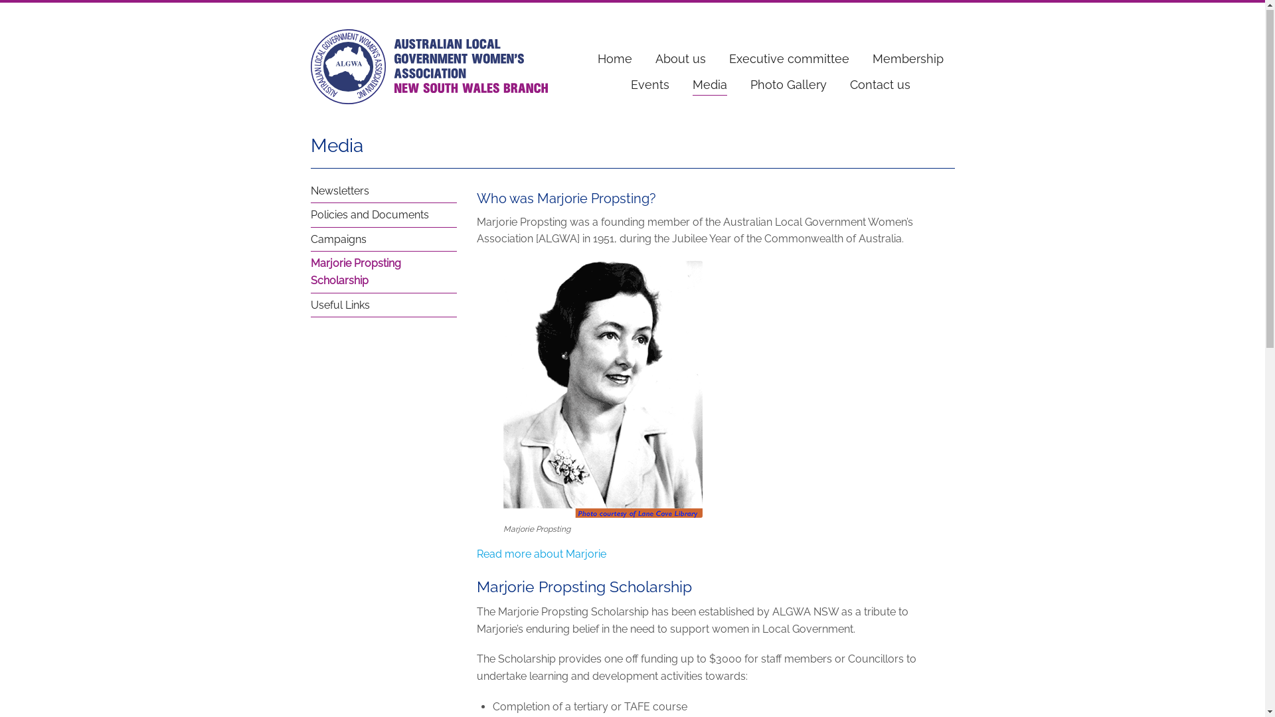 This screenshot has width=1275, height=717. I want to click on 'Executive committee', so click(728, 58).